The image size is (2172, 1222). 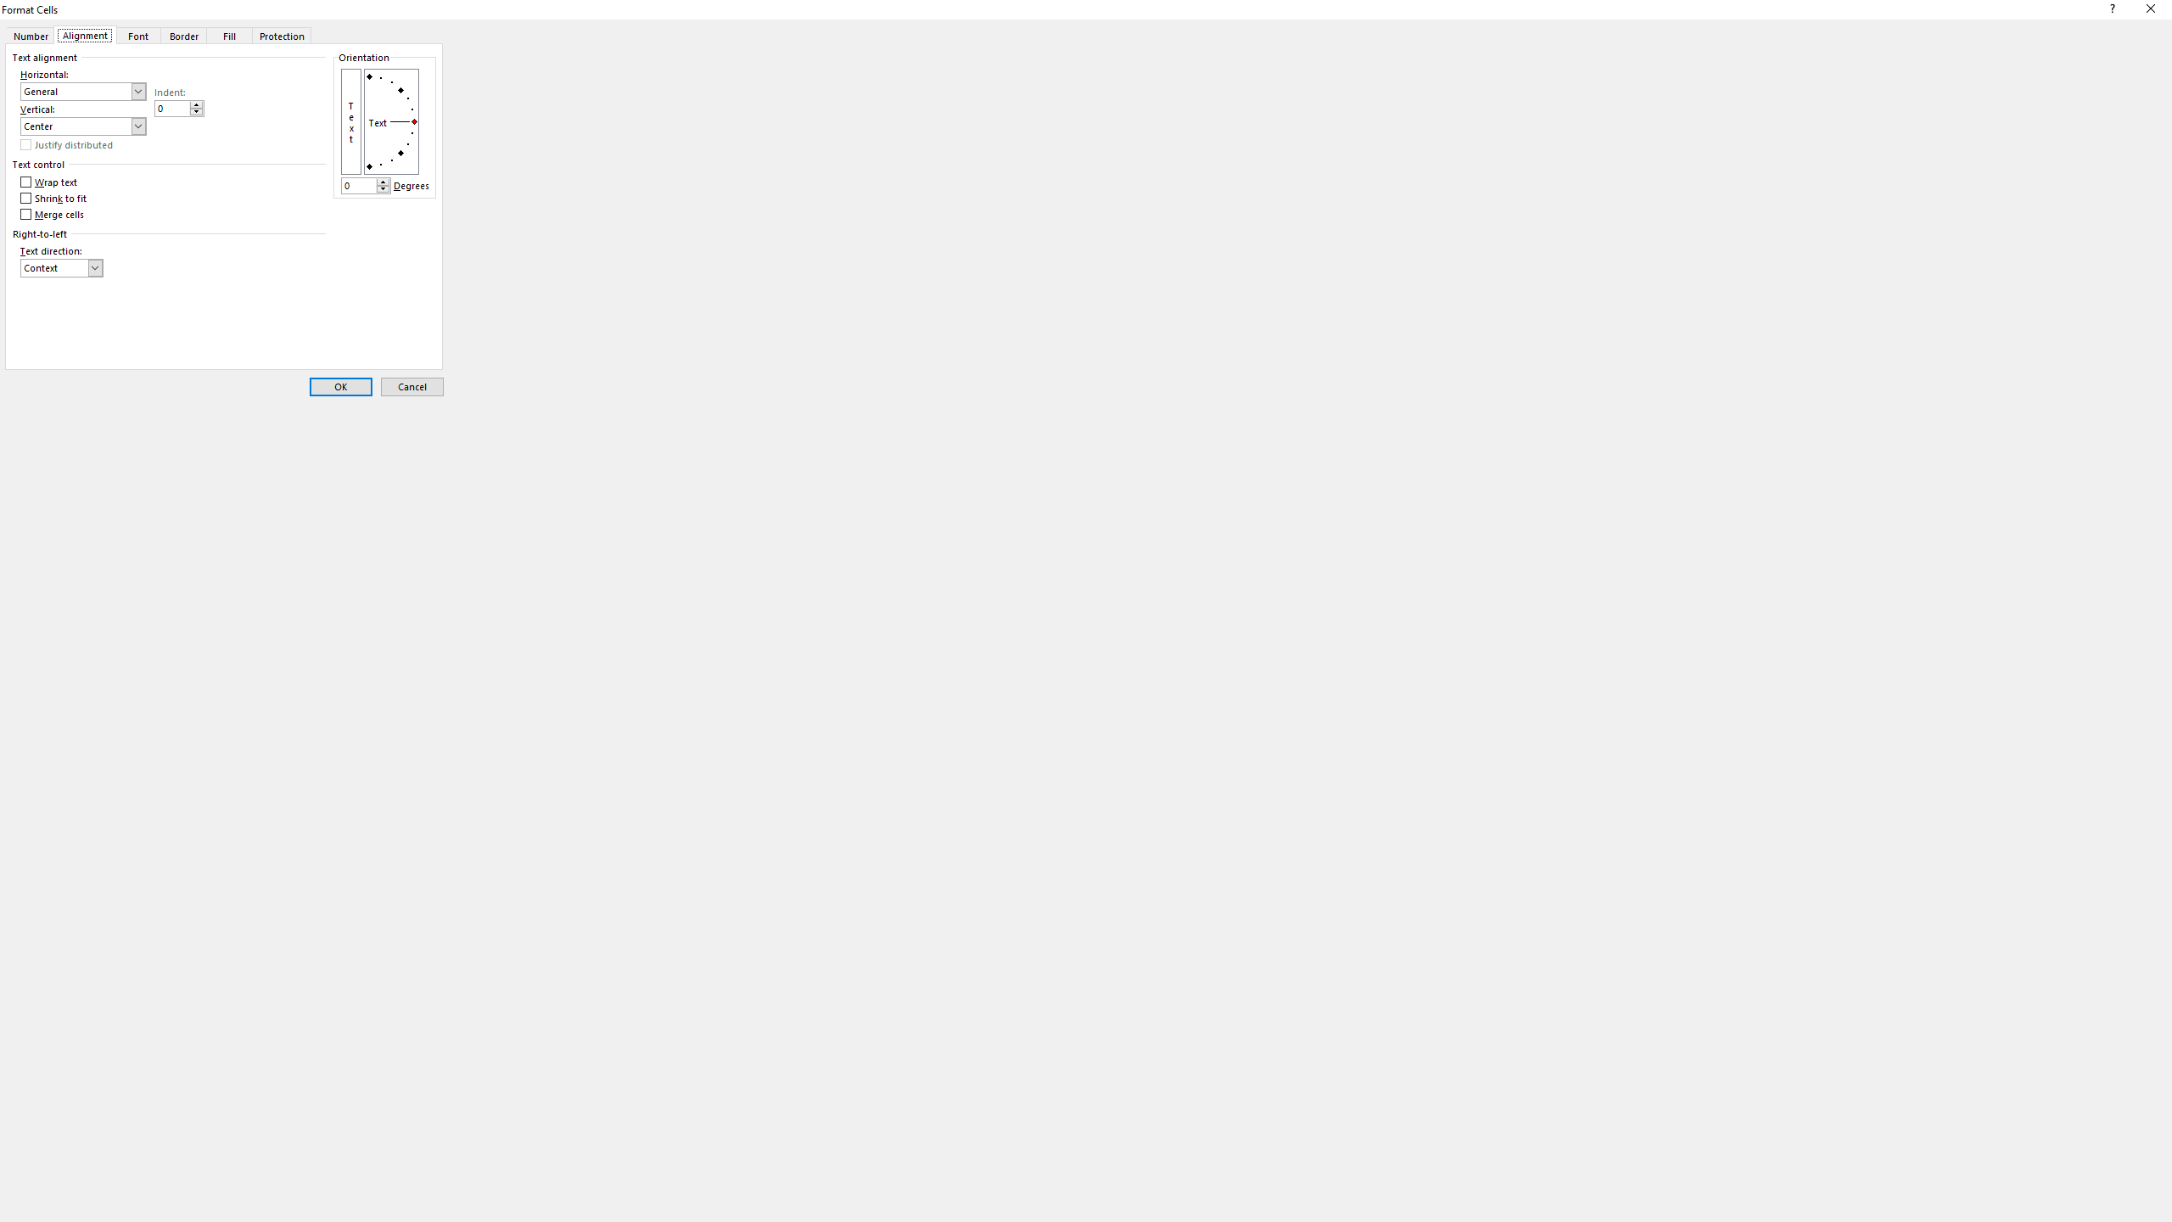 I want to click on 'Vertical:', so click(x=82, y=126).